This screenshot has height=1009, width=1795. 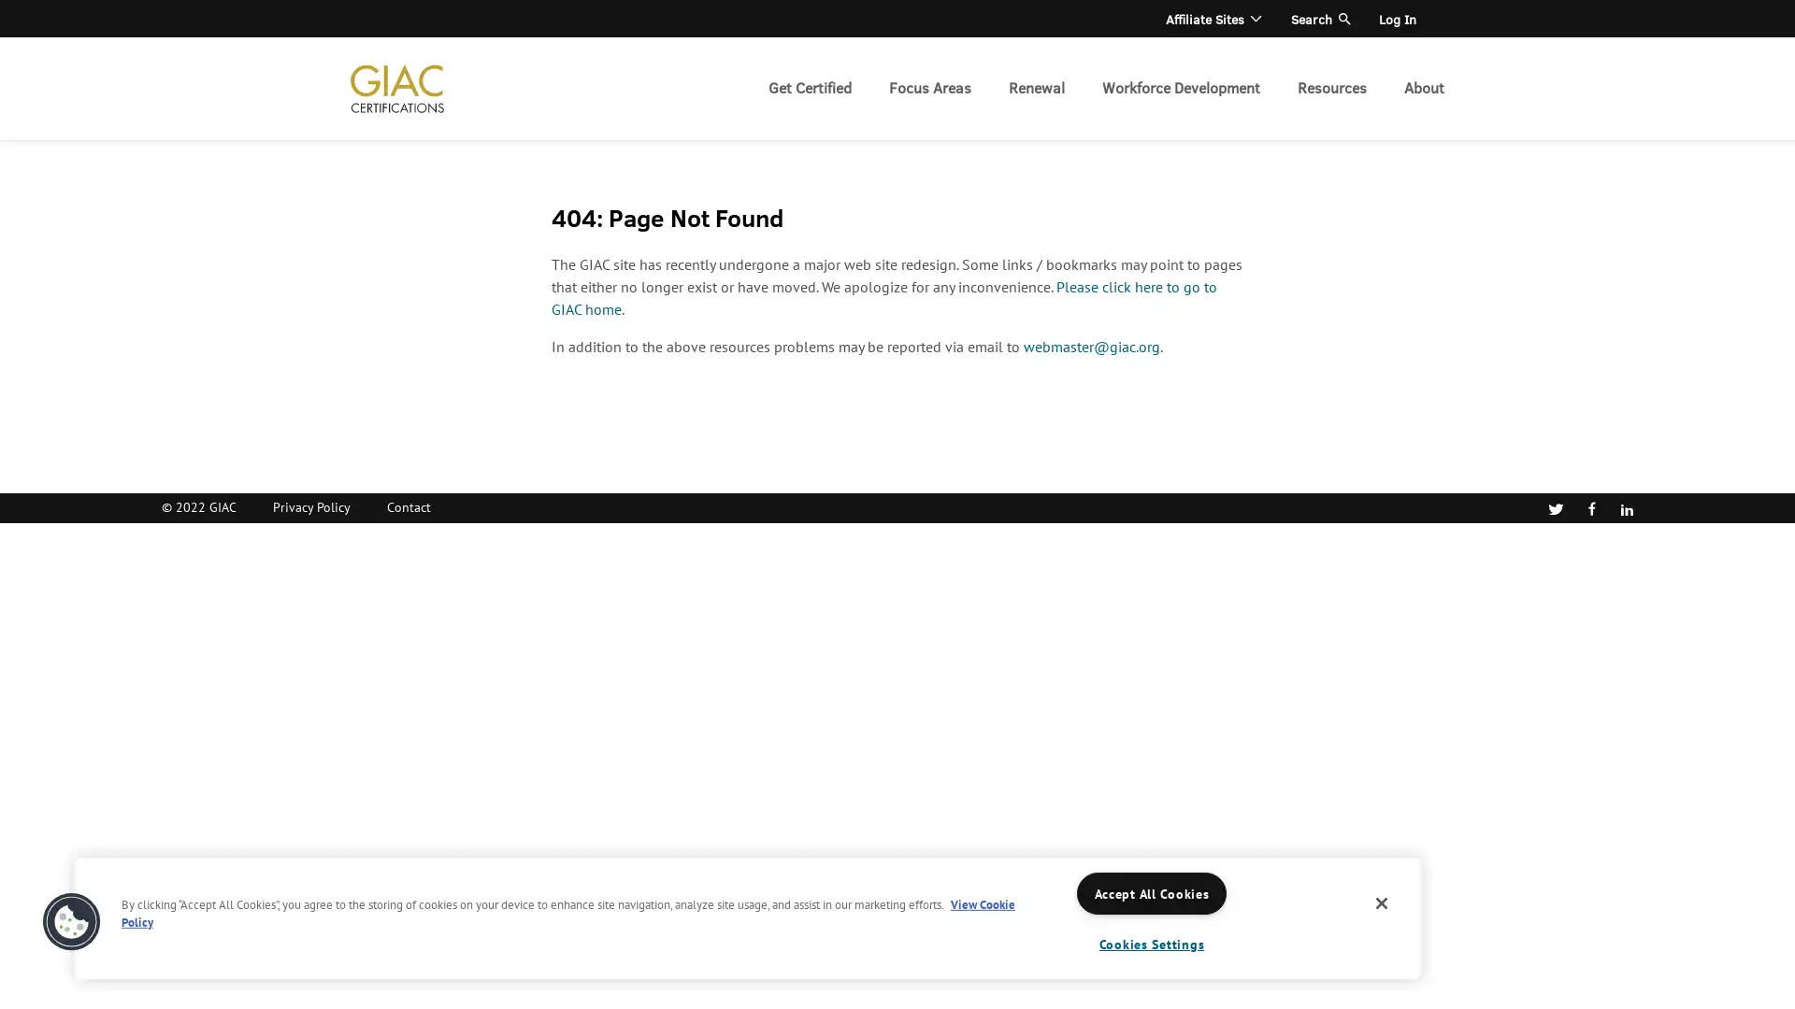 I want to click on Cookies Settings, so click(x=1151, y=944).